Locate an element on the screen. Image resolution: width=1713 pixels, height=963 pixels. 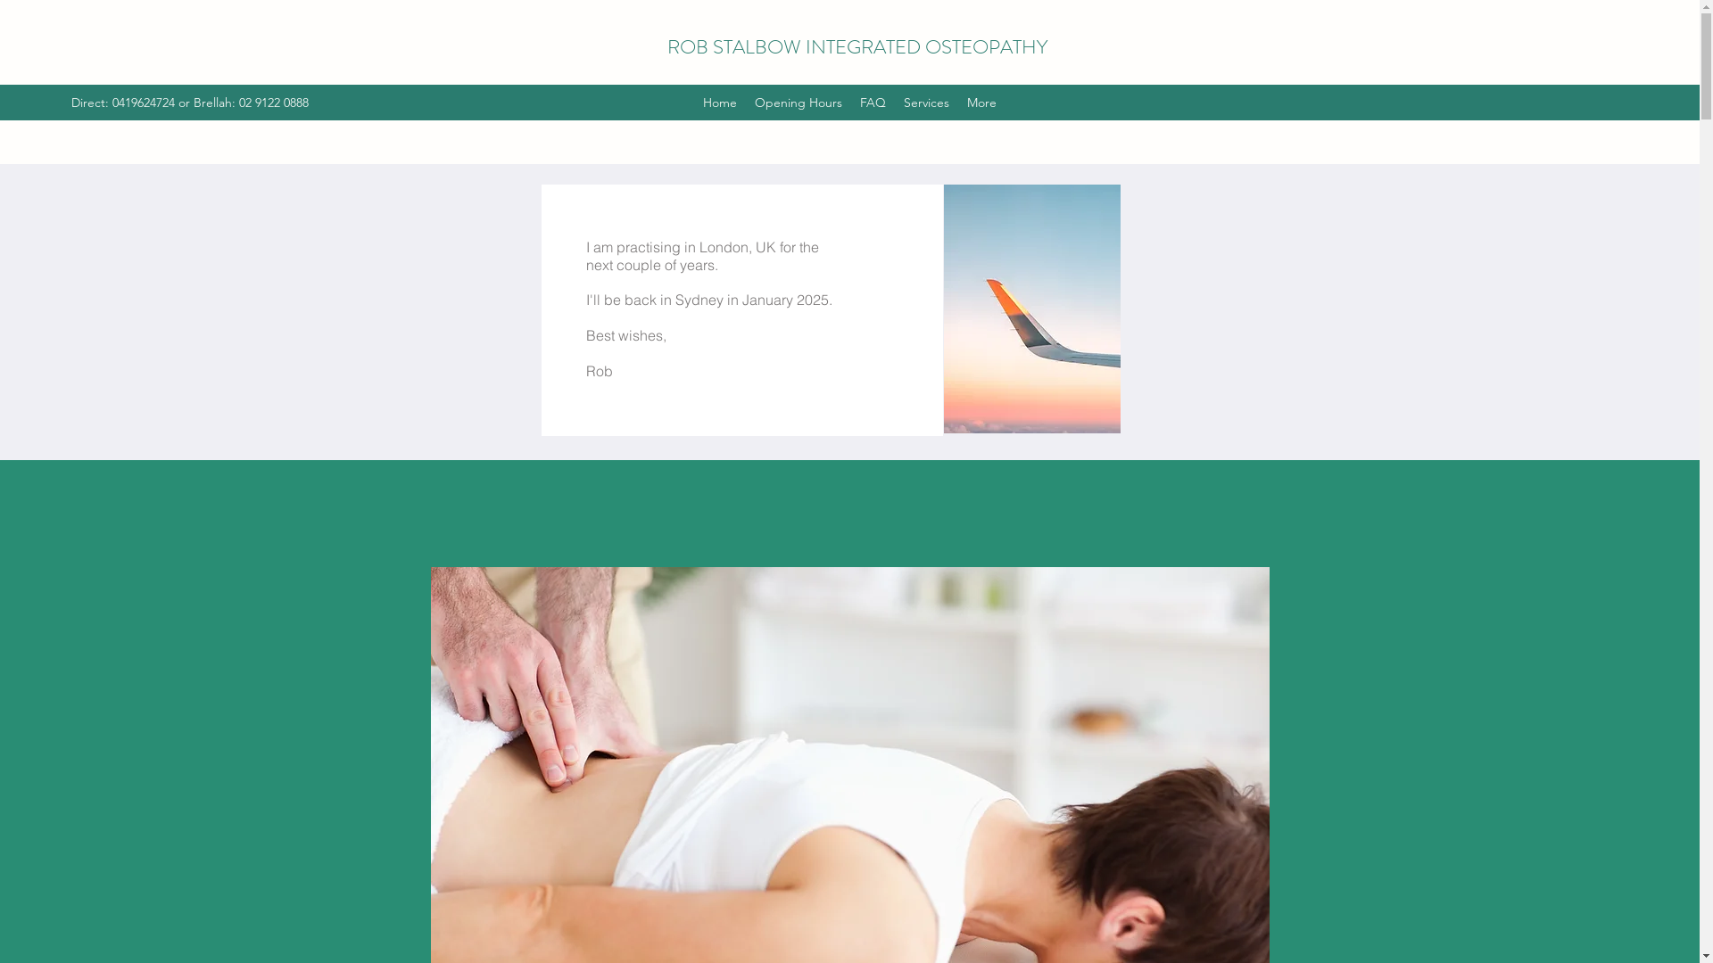
'Opening Hours' is located at coordinates (797, 103).